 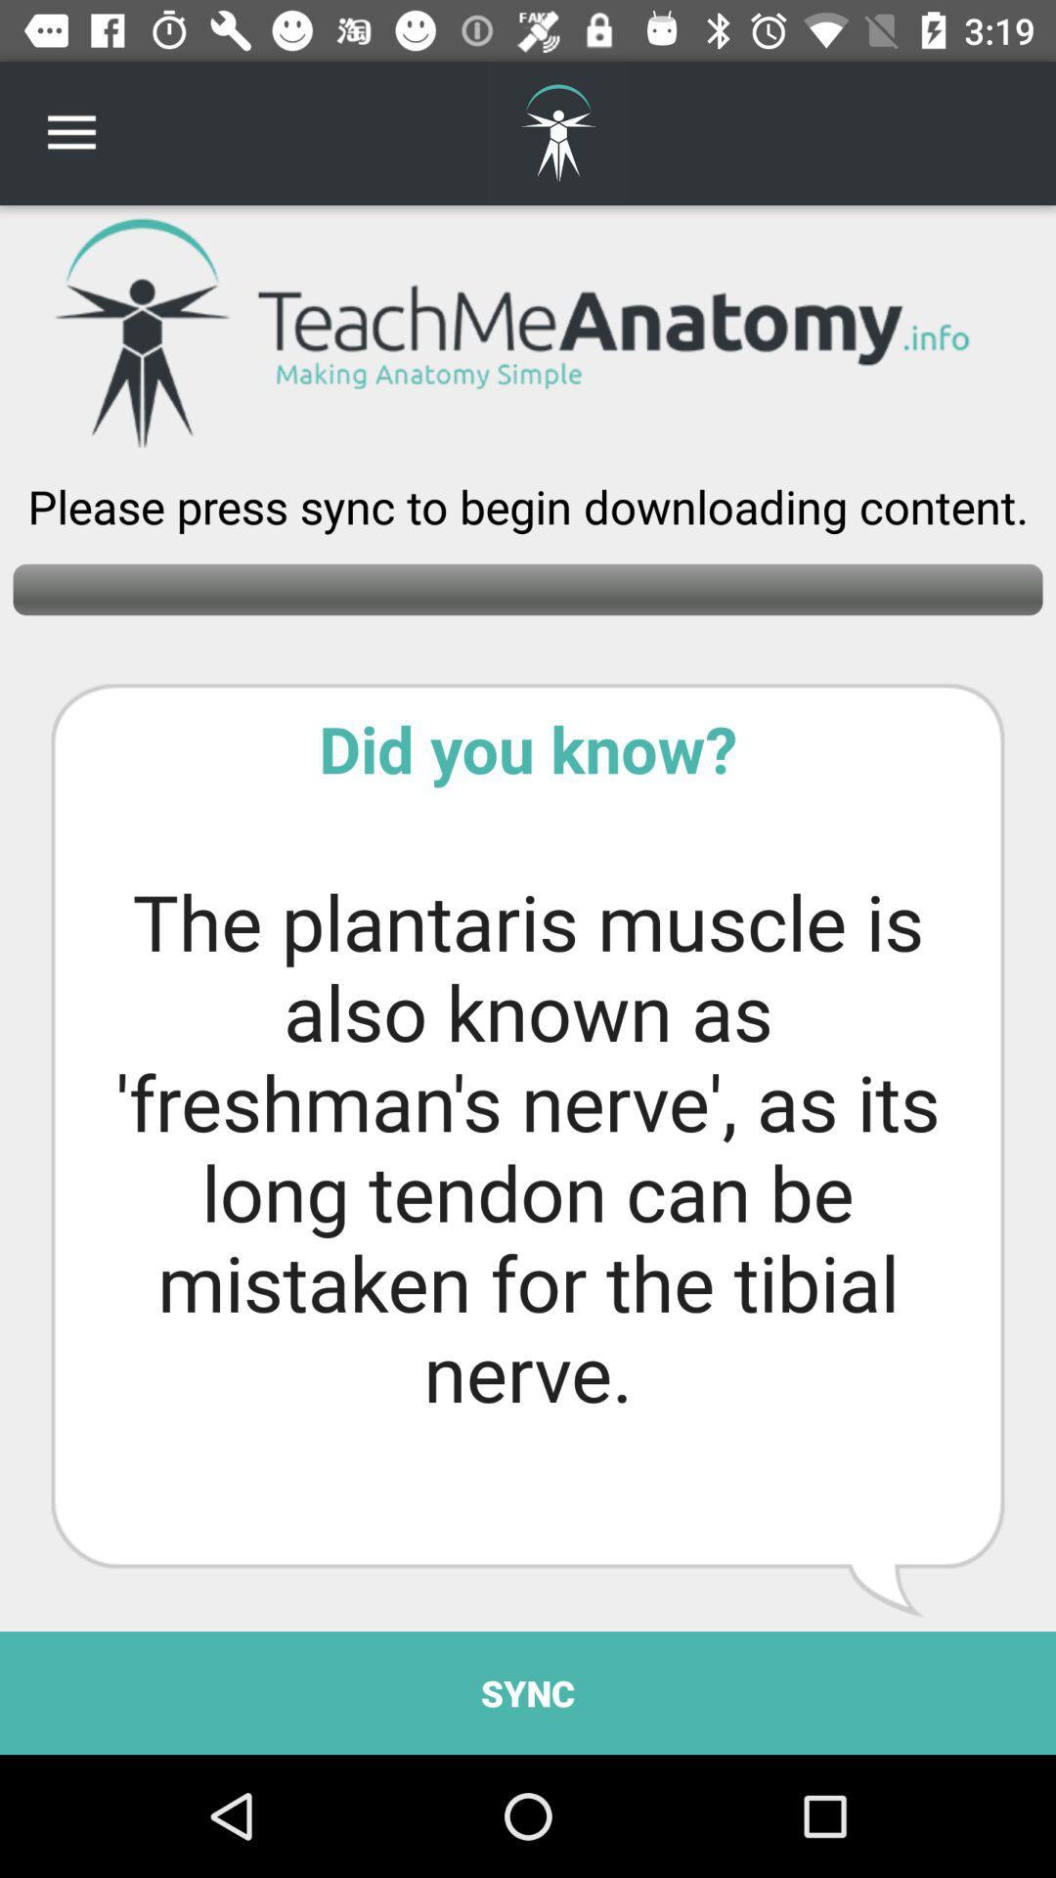 What do you see at coordinates (994, 132) in the screenshot?
I see `item at the top right corner` at bounding box center [994, 132].